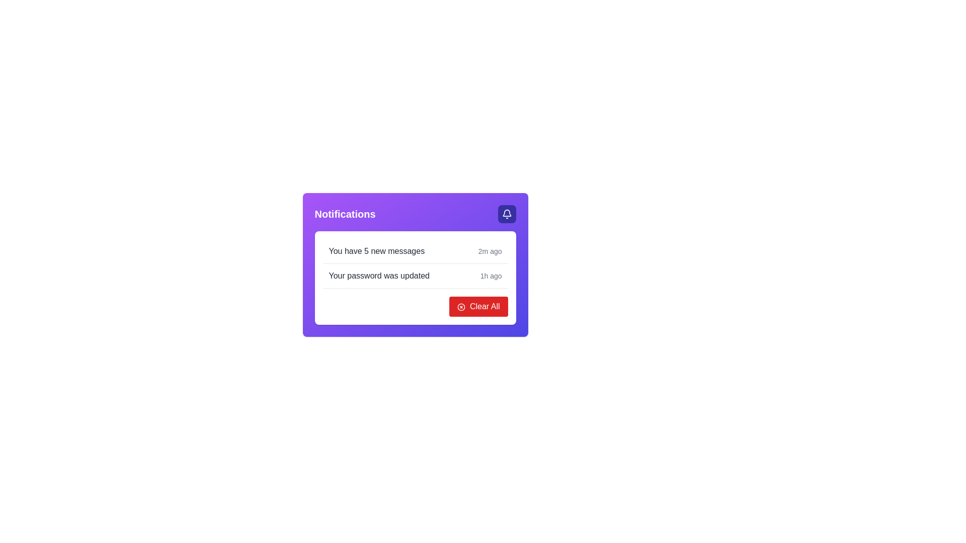 The width and height of the screenshot is (966, 543). I want to click on the icon that visually emphasizes the action of clearing notifications, located on the left side of the 'Clear All' button within the notification card, so click(461, 306).